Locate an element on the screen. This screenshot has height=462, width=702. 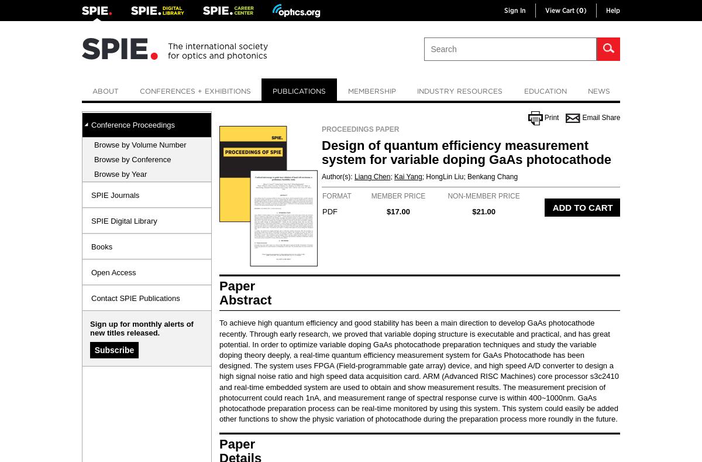
'SPIE Digital Library' is located at coordinates (123, 220).